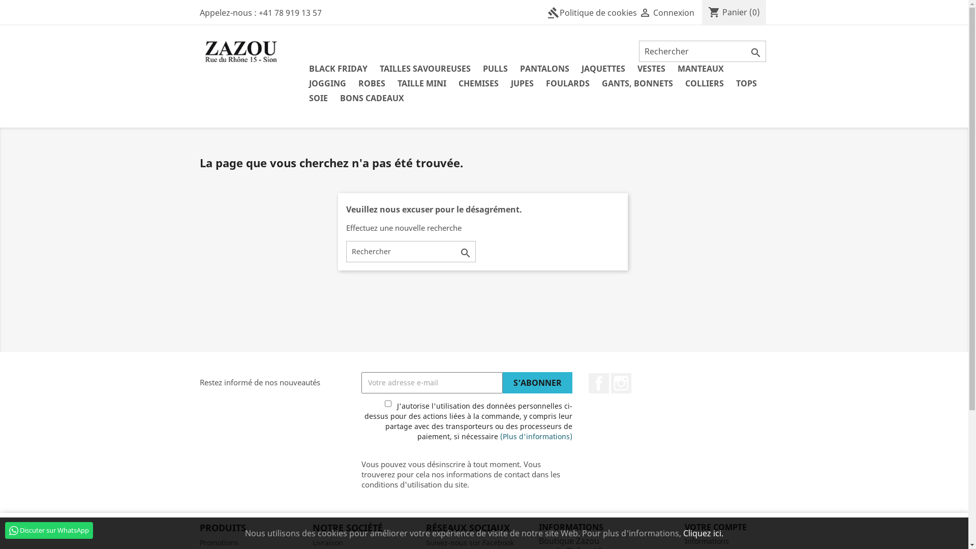 This screenshot has width=976, height=549. Describe the element at coordinates (540, 83) in the screenshot. I see `'FOULARDS'` at that location.